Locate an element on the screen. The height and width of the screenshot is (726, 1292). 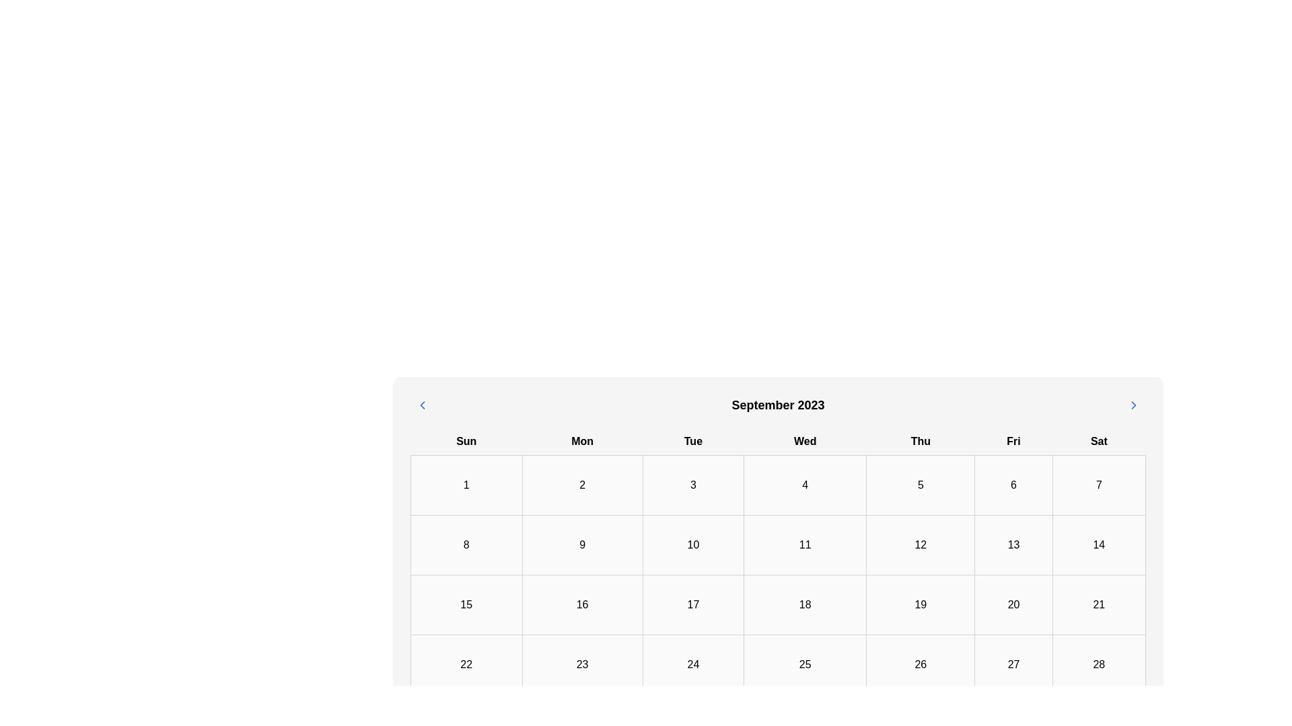
the displayed date '16' in the calendar's date box, which is the second box from the left in the third row, representing the day of the month is located at coordinates (582, 604).